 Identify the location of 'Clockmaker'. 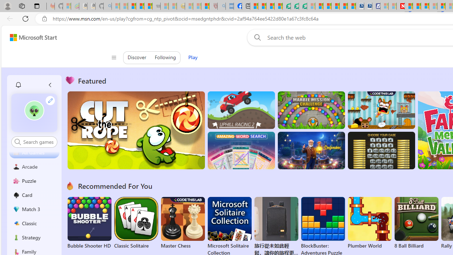
(311, 150).